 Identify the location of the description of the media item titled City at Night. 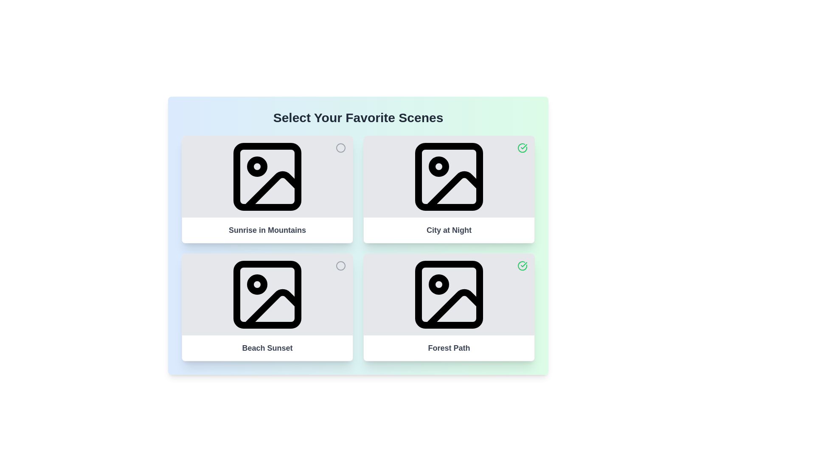
(448, 230).